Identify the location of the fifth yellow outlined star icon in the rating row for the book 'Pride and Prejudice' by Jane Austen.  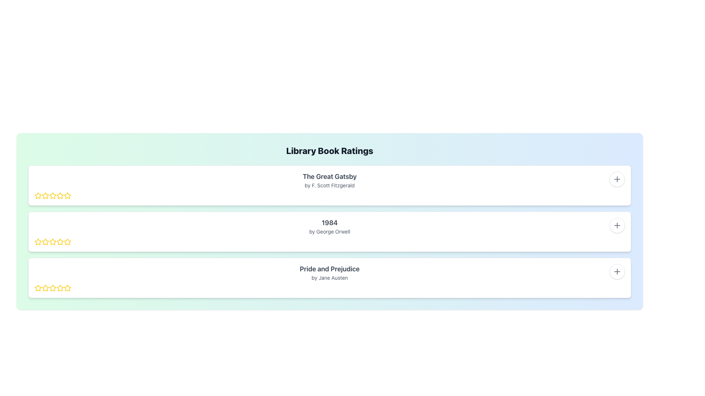
(67, 288).